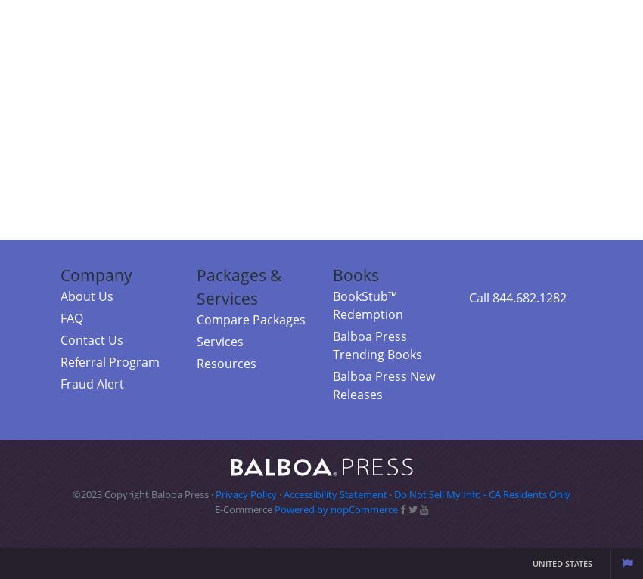 The image size is (643, 579). What do you see at coordinates (110, 361) in the screenshot?
I see `'Referral Program'` at bounding box center [110, 361].